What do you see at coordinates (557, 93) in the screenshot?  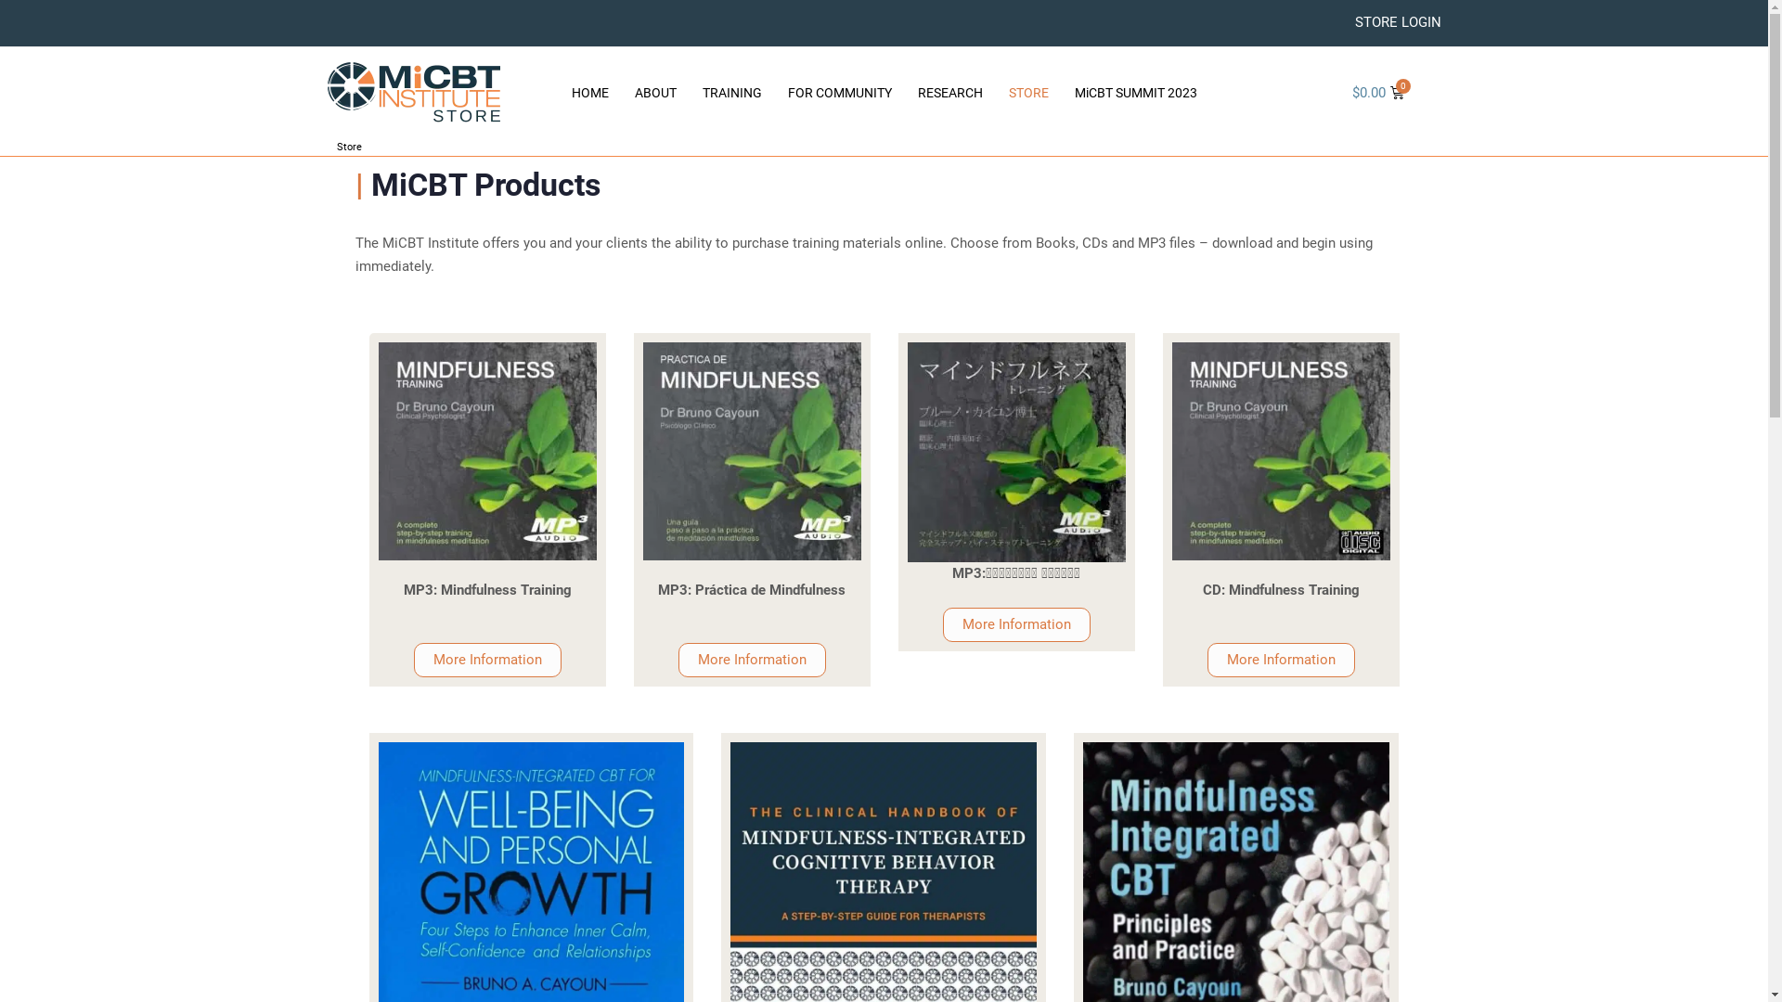 I see `'HOME'` at bounding box center [557, 93].